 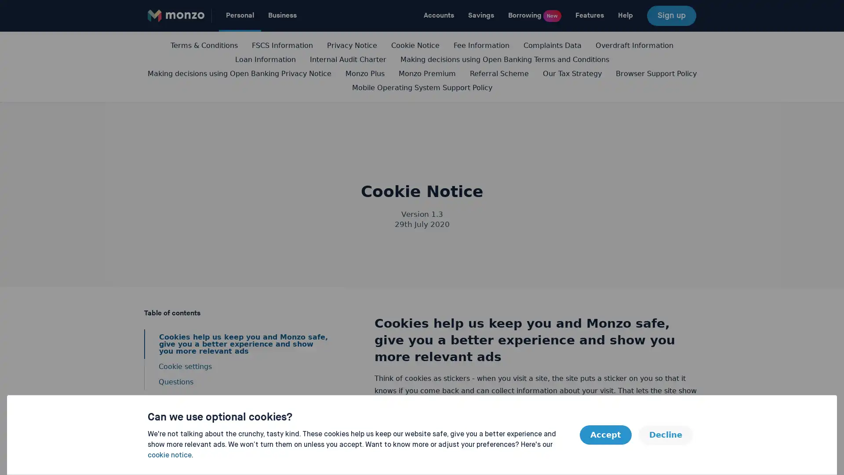 What do you see at coordinates (534, 15) in the screenshot?
I see `Borrowing New` at bounding box center [534, 15].